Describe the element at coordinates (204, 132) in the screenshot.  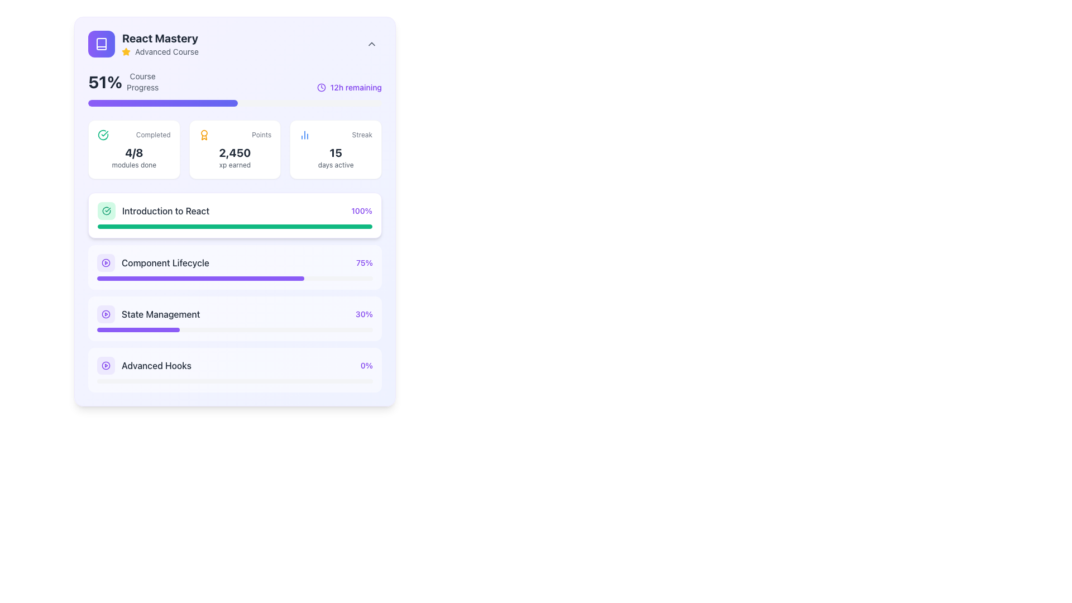
I see `the circular graphical component styled as an award or badge, which is part of an SVG award icon located within an interface of metrics and achievements` at that location.